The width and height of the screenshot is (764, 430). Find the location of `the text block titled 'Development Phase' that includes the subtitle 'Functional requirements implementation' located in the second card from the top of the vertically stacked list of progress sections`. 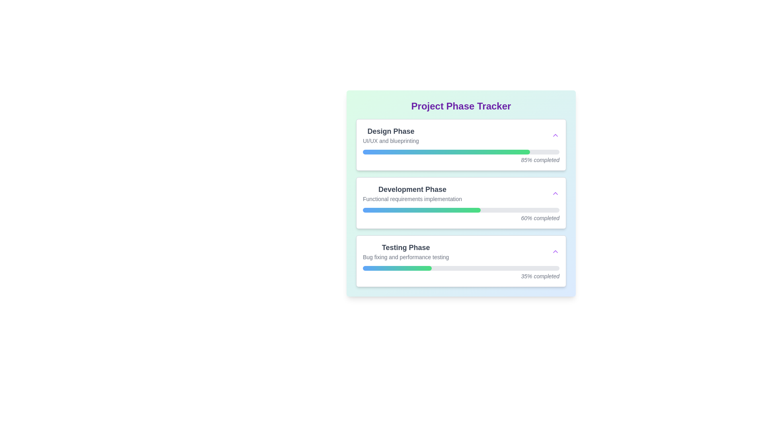

the text block titled 'Development Phase' that includes the subtitle 'Functional requirements implementation' located in the second card from the top of the vertically stacked list of progress sections is located at coordinates (412, 193).